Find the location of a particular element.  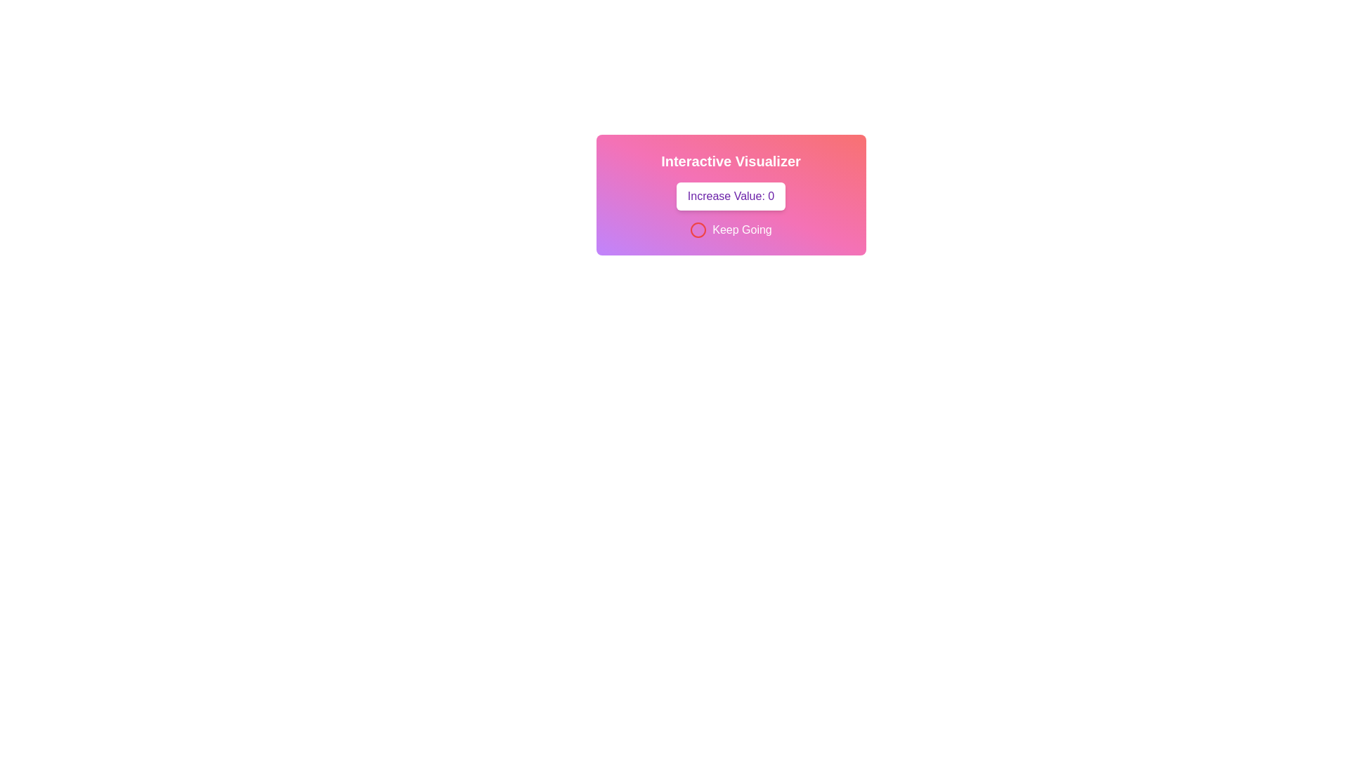

the informative or motivational text label located to the right of the circular icon within a colorful gradient-styled card is located at coordinates (741, 229).